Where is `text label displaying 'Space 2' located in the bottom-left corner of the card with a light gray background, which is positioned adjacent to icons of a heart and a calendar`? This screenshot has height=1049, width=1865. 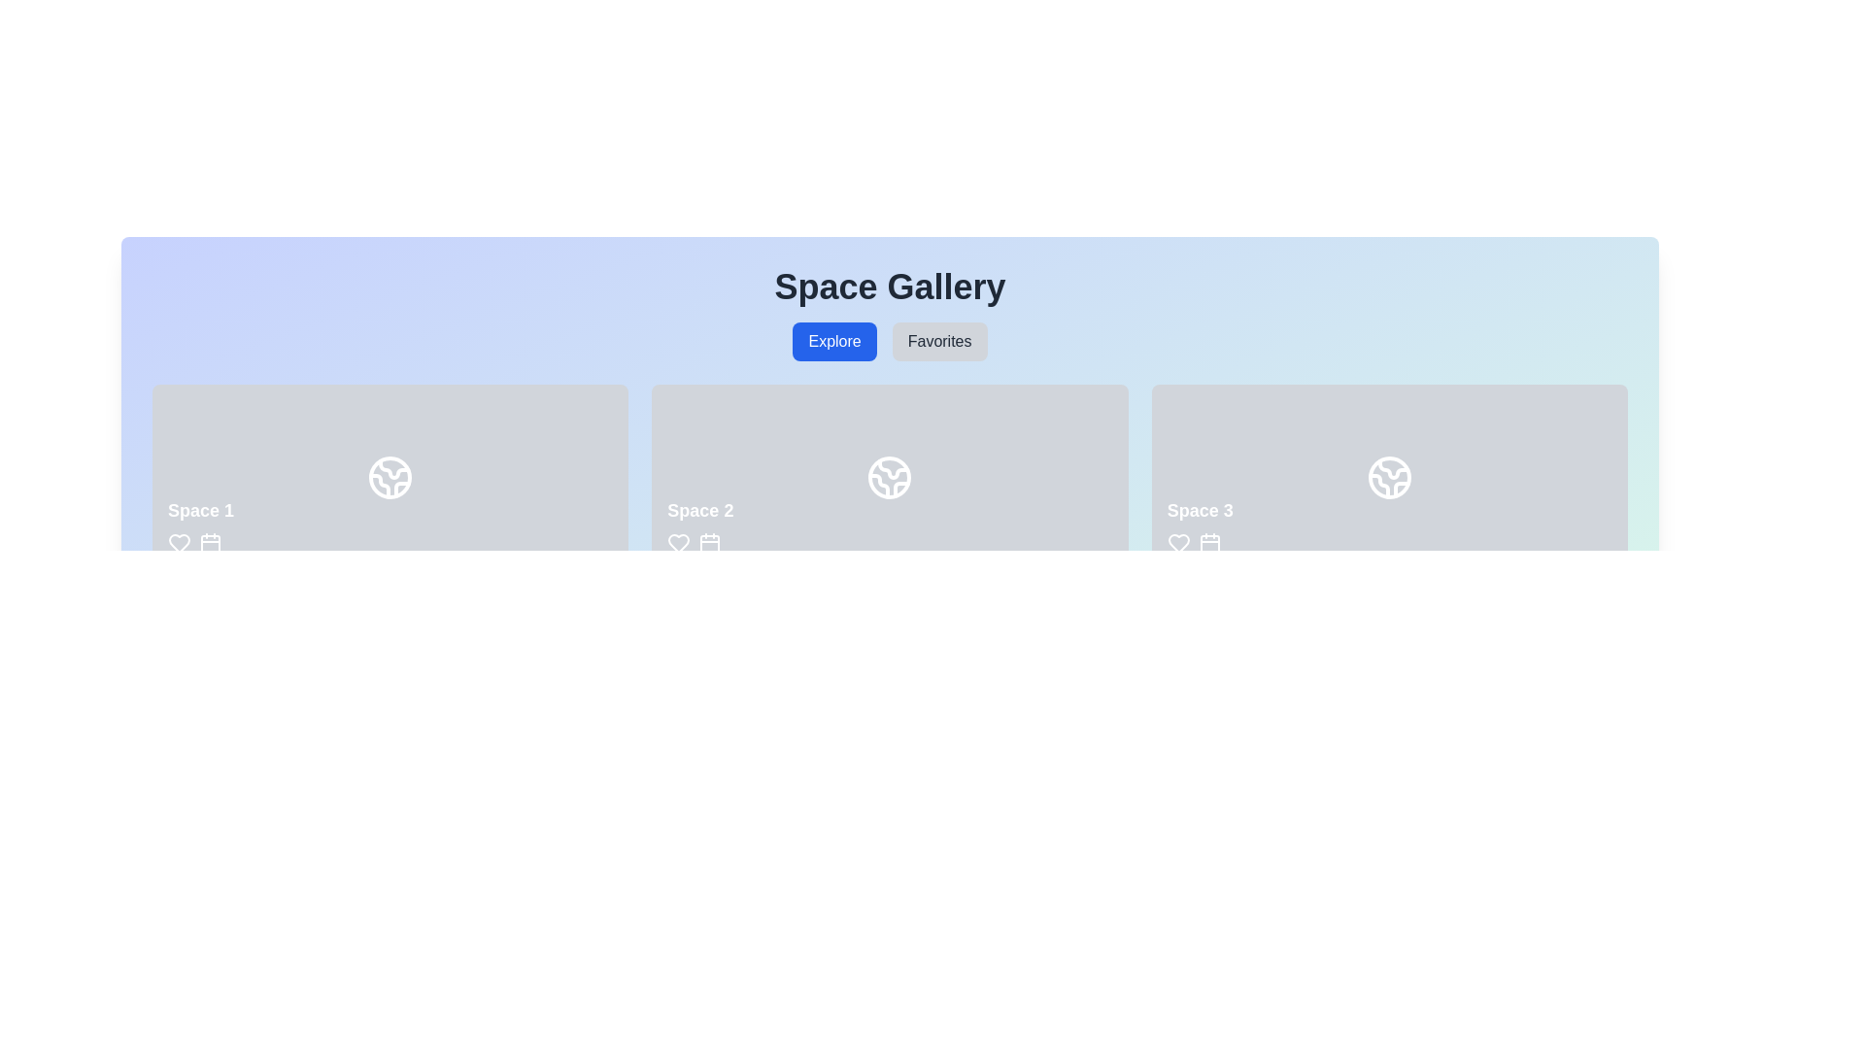
text label displaying 'Space 2' located in the bottom-left corner of the card with a light gray background, which is positioned adjacent to icons of a heart and a calendar is located at coordinates (699, 526).